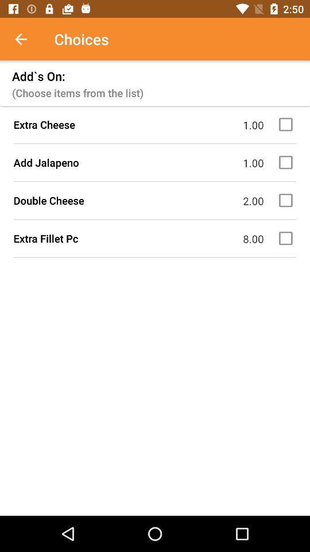 Image resolution: width=310 pixels, height=552 pixels. I want to click on extra cheese add-on, so click(287, 124).